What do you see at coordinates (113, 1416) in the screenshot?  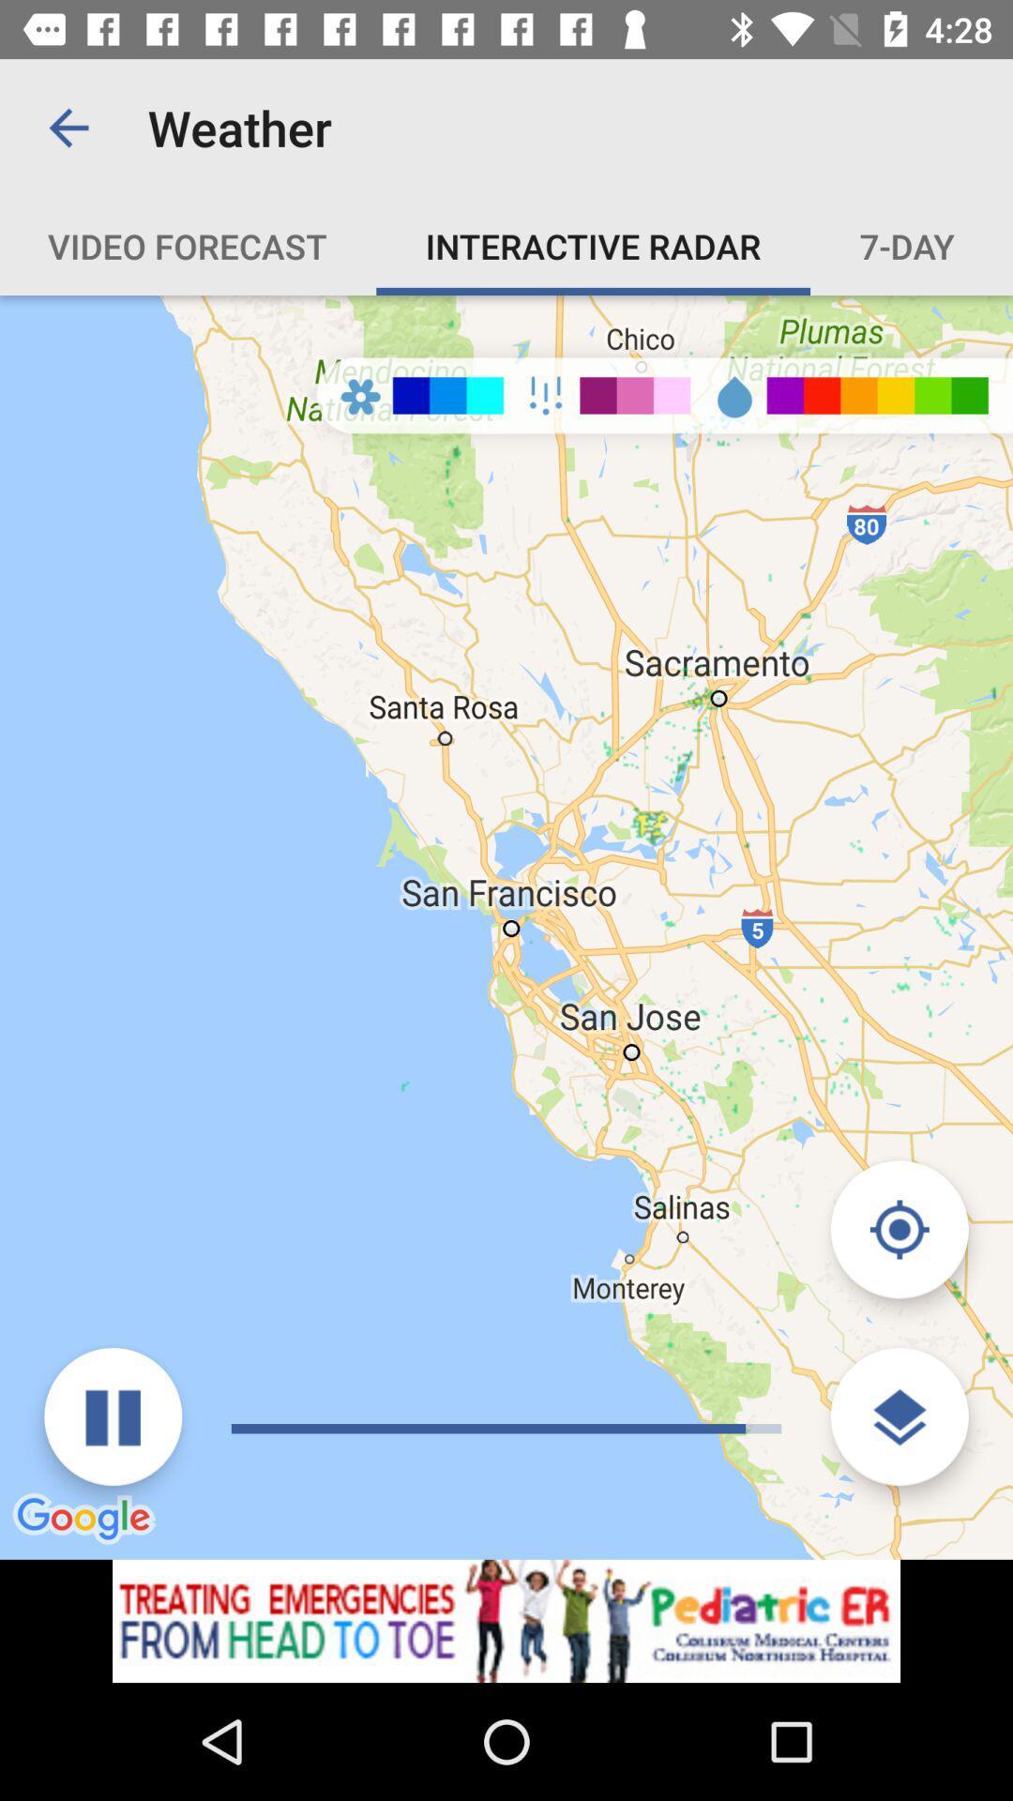 I see `the pause icon` at bounding box center [113, 1416].